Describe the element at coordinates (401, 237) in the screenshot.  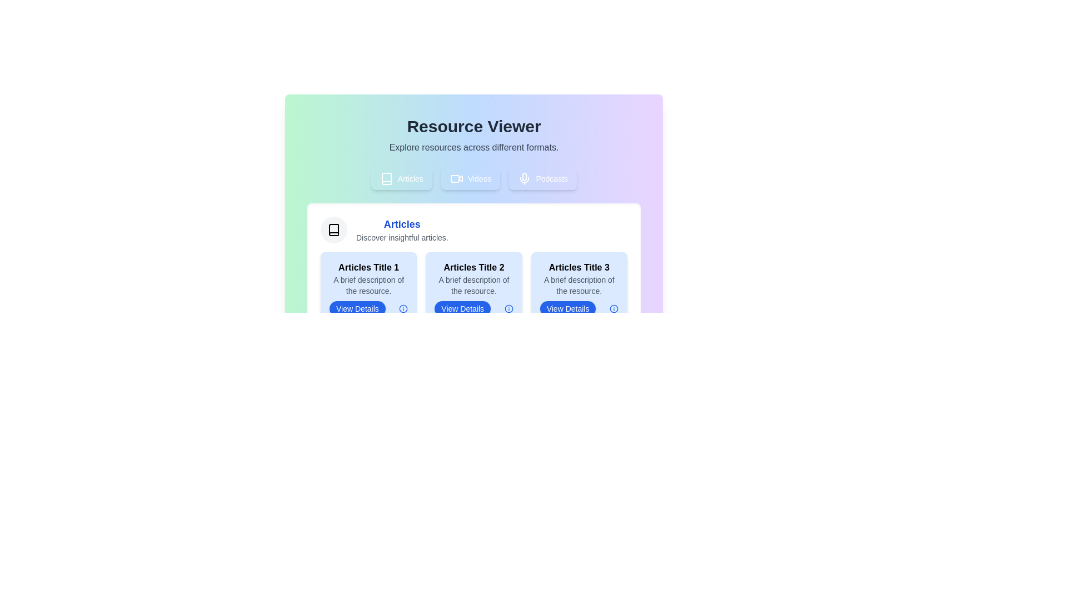
I see `the text label that reads 'Discover insightful articles.' which is styled in a smaller font size and muted gray color, positioned below the heading 'Articles'` at that location.